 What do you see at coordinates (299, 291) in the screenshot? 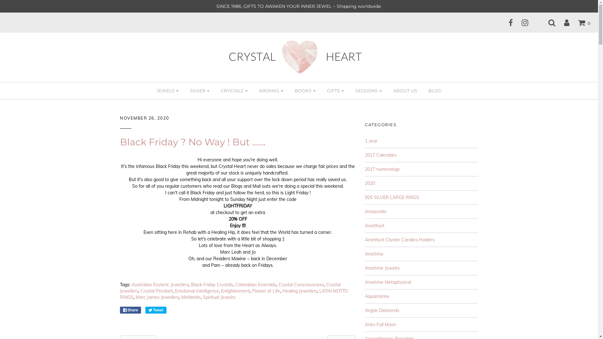
I see `'Healing Jewellery'` at bounding box center [299, 291].